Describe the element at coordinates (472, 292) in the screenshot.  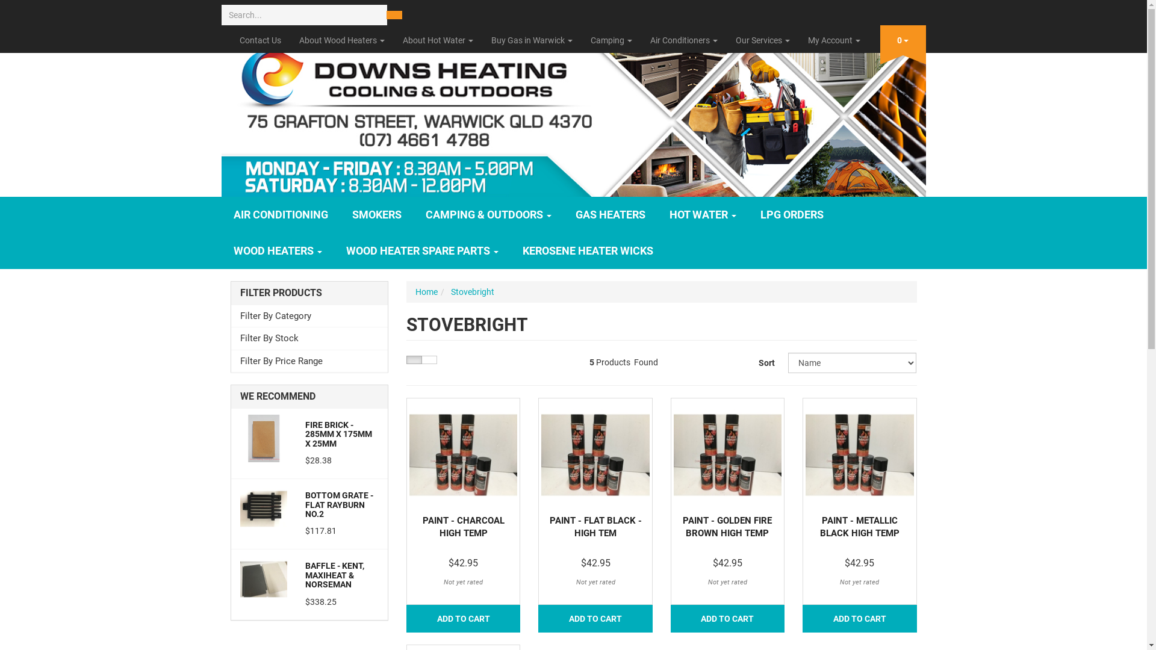
I see `'Stovebright'` at that location.